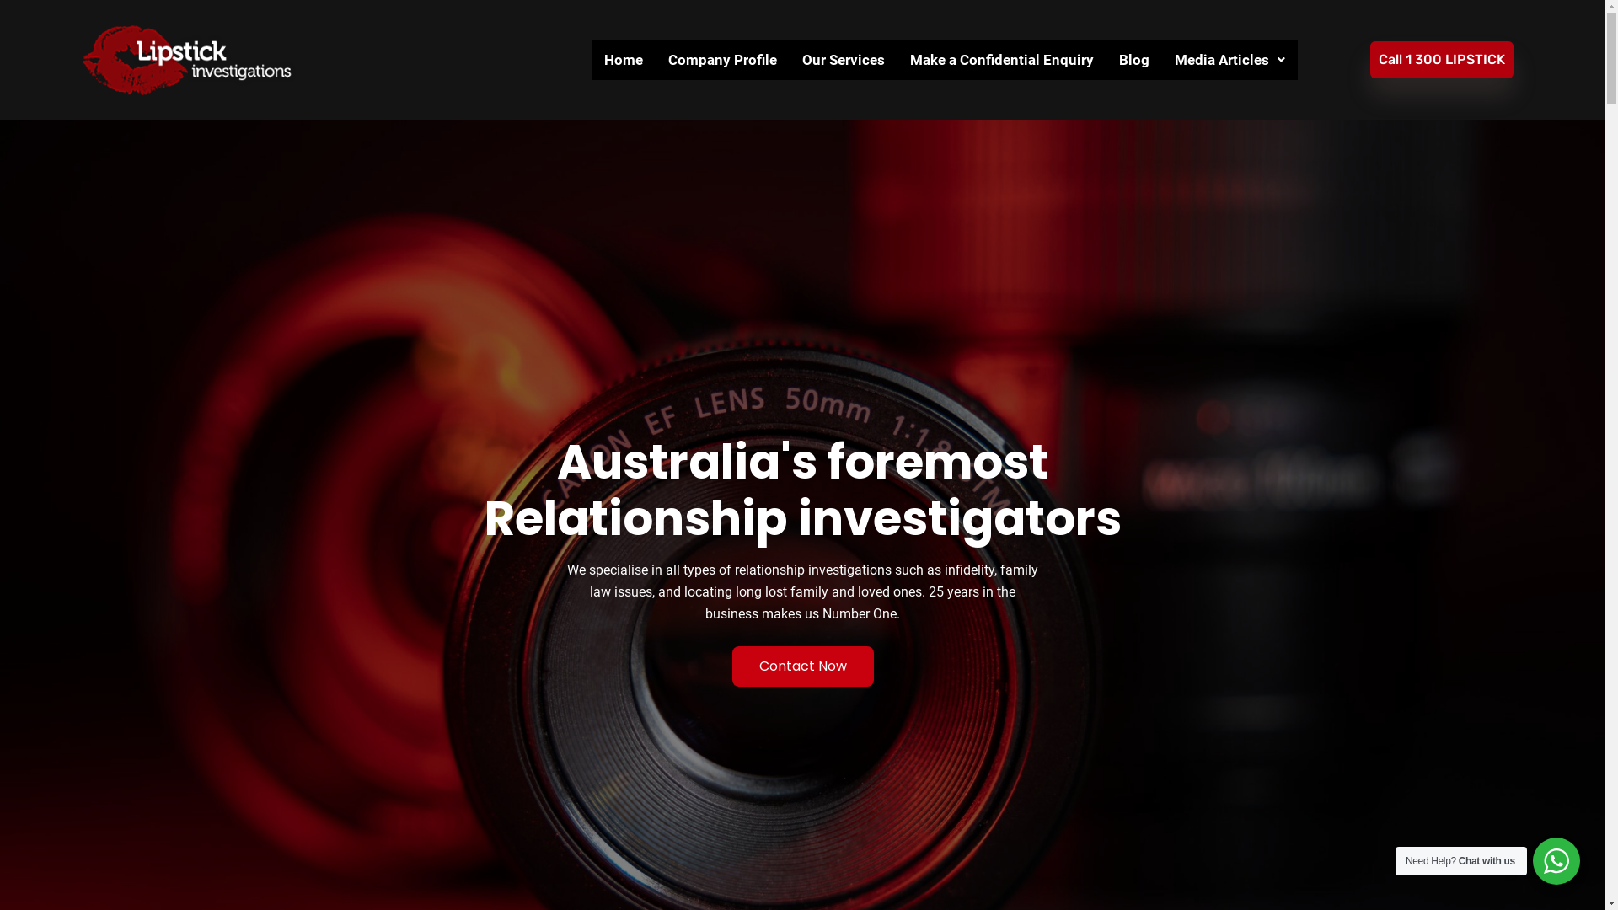 The height and width of the screenshot is (910, 1618). What do you see at coordinates (722, 59) in the screenshot?
I see `'Company Profile'` at bounding box center [722, 59].